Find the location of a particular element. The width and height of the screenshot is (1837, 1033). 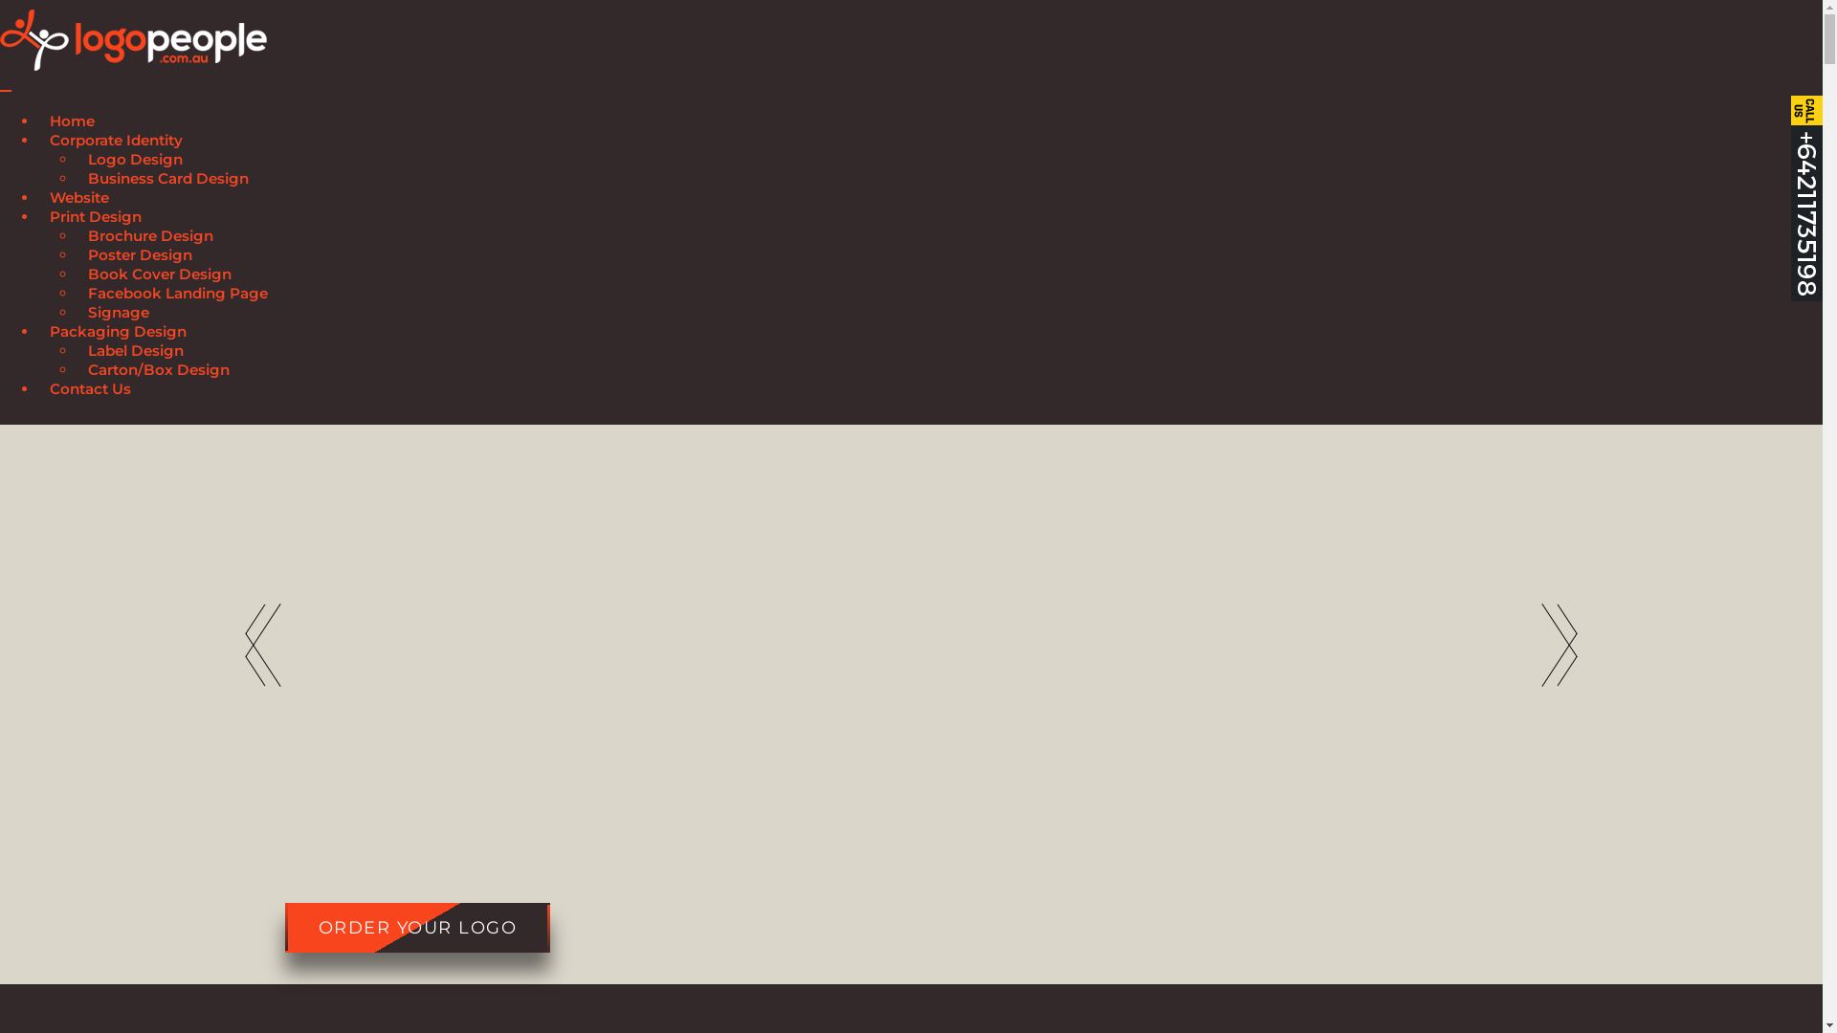

'Logo Design' is located at coordinates (77, 161).